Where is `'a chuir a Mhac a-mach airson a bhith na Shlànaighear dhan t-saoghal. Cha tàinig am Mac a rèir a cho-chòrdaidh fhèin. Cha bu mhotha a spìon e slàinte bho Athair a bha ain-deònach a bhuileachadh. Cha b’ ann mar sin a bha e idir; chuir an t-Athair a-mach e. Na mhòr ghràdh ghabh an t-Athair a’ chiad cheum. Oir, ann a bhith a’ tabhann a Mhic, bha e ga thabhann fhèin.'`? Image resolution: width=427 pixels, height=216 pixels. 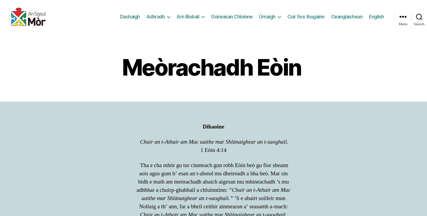 'a chuir a Mhac a-mach airson a bhith na Shlànaighear dhan t-saoghal. Cha tàinig am Mac a rèir a cho-chòrdaidh fhèin. Cha bu mhotha a spìon e slàinte bho Athair a bha ain-deònach a bhuileachadh. Cha b’ ann mar sin a bha e idir; chuir an t-Athair a-mach e. Na mhòr ghràdh ghabh an t-Athair a’ chiad cheum. Oir, ann a bhith a’ tabhann a Mhic, bha e ga thabhann fhèin.' is located at coordinates (213, 60).